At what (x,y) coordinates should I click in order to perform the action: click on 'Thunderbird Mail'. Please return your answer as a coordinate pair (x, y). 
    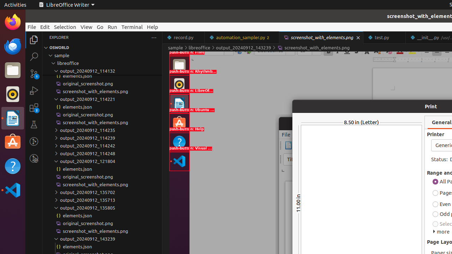
    Looking at the image, I should click on (12, 46).